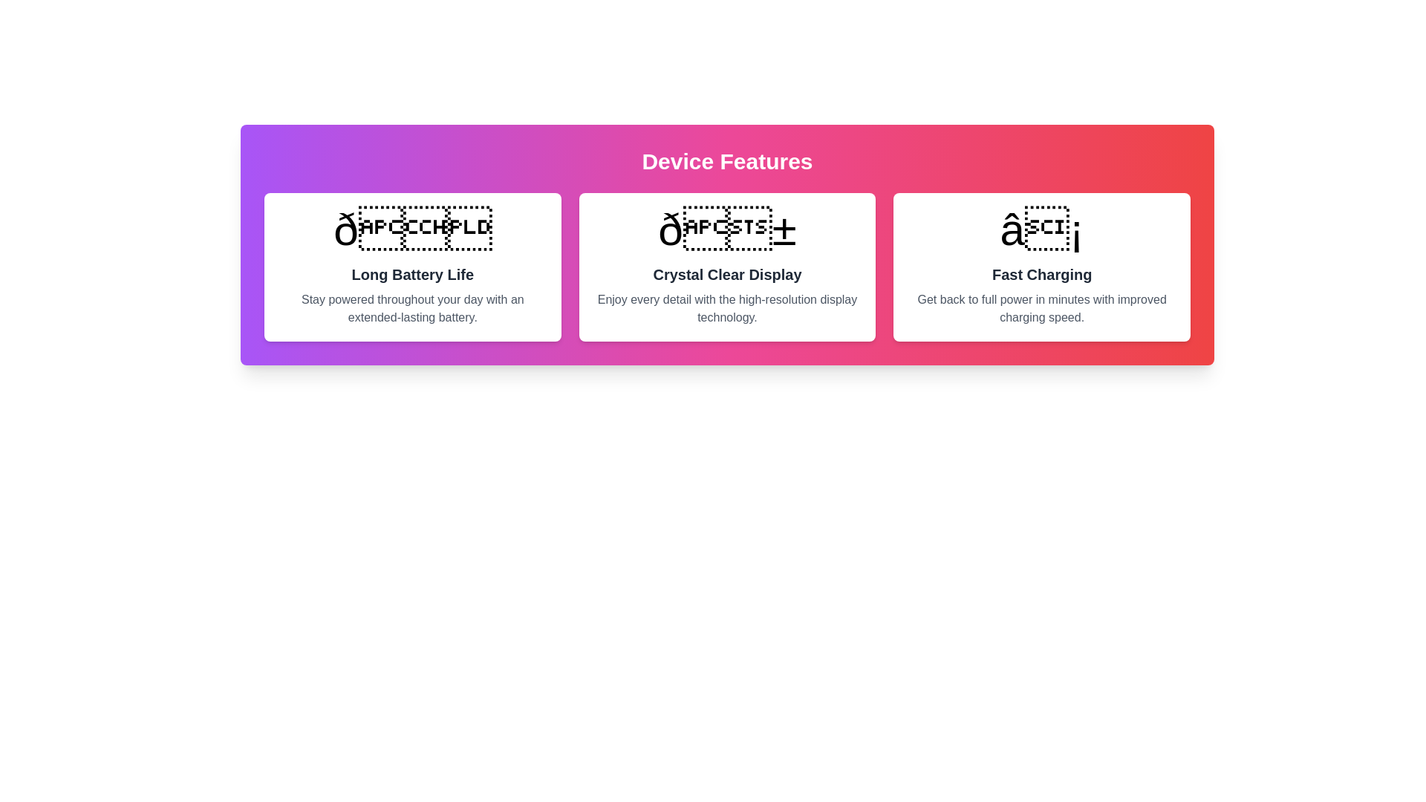  Describe the element at coordinates (1041, 229) in the screenshot. I see `the large 'Fast Charging' icon located in the center of the card in the 'Device Features' section` at that location.